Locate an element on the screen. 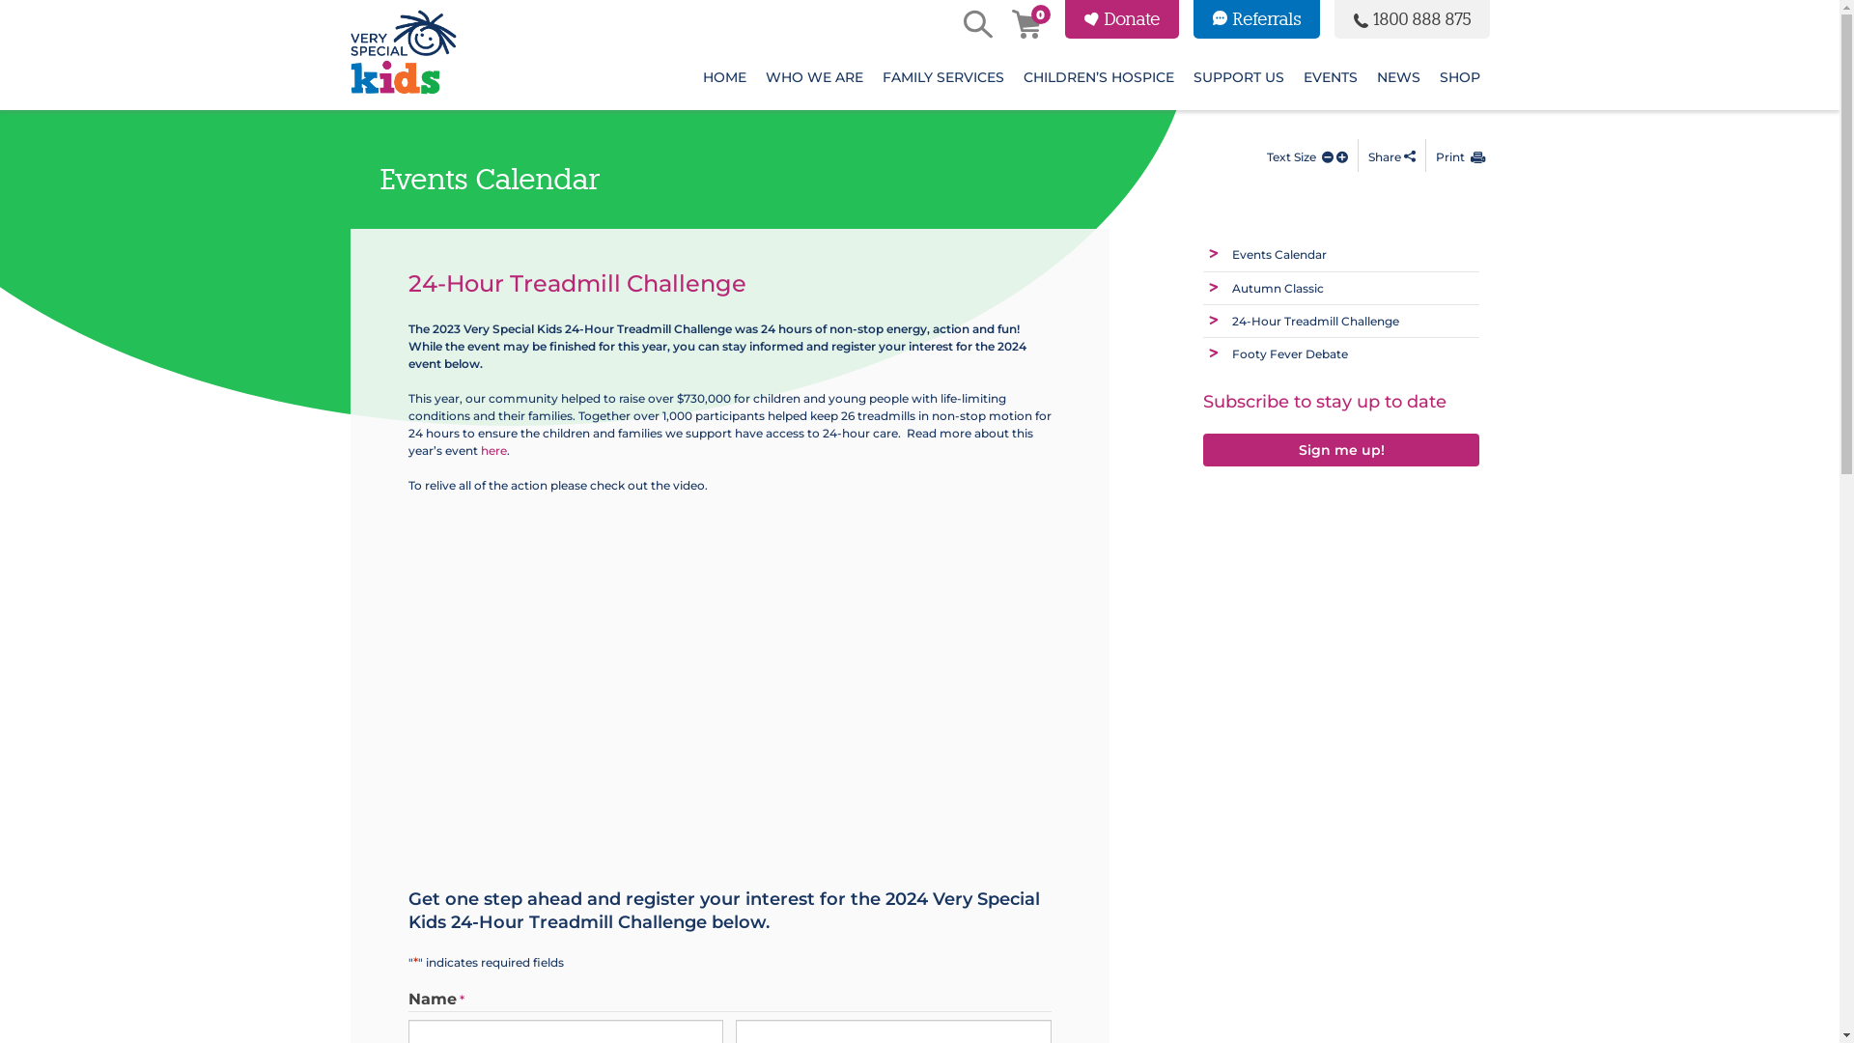 Image resolution: width=1854 pixels, height=1043 pixels. '1800 888 875' is located at coordinates (1412, 18).